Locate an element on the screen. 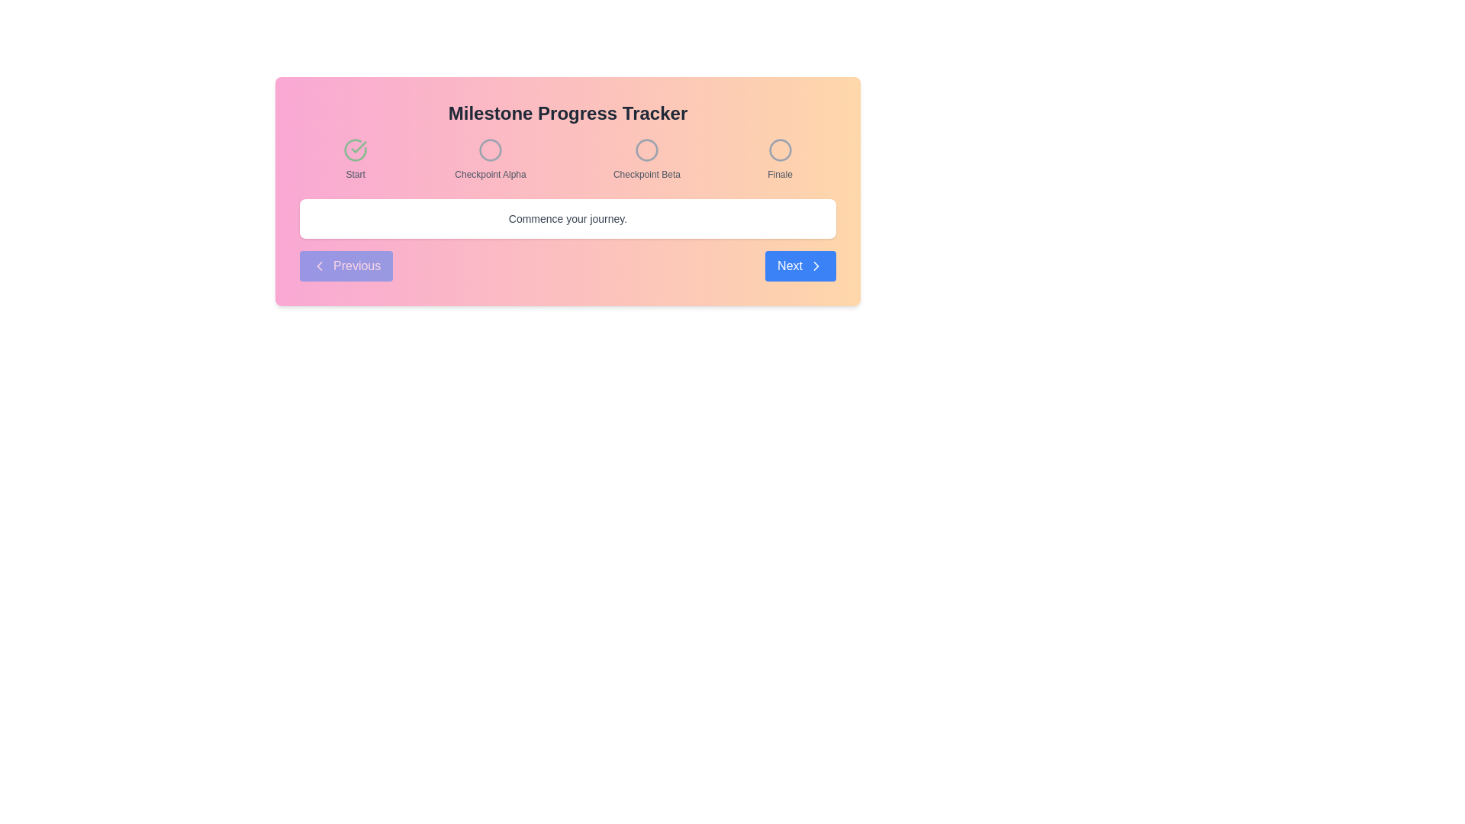  the pulsating animation of the circular green checkmark icon, which is the first milestone in the sequence labeled 'Start' is located at coordinates (355, 150).